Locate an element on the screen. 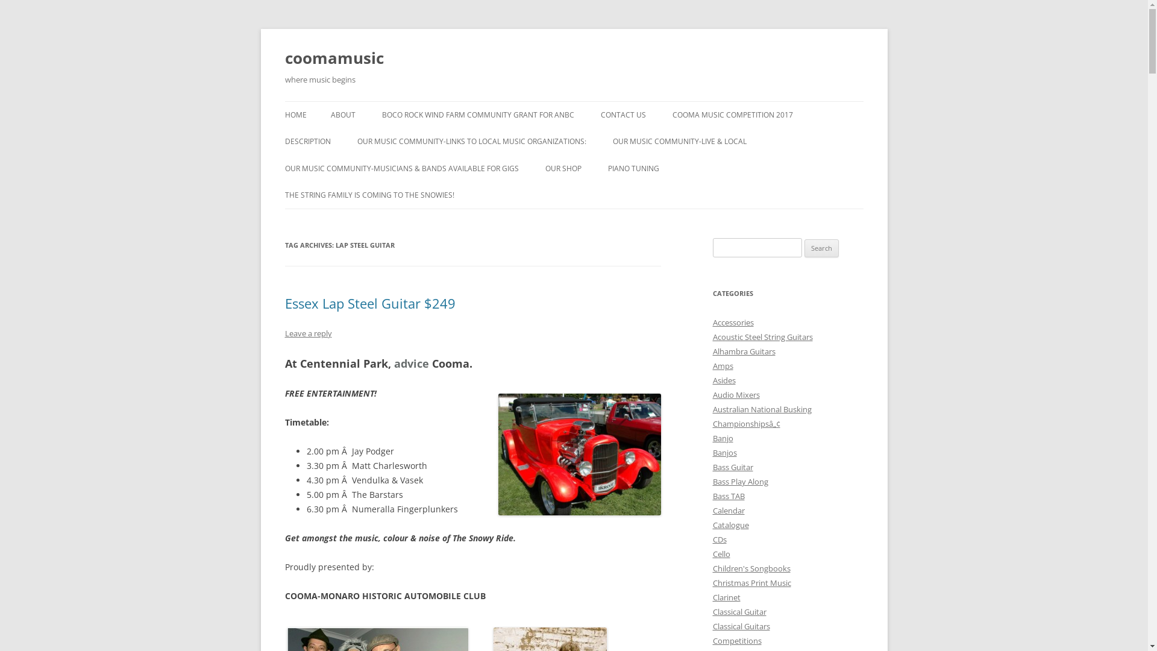 The width and height of the screenshot is (1157, 651). 'CDs' is located at coordinates (719, 538).